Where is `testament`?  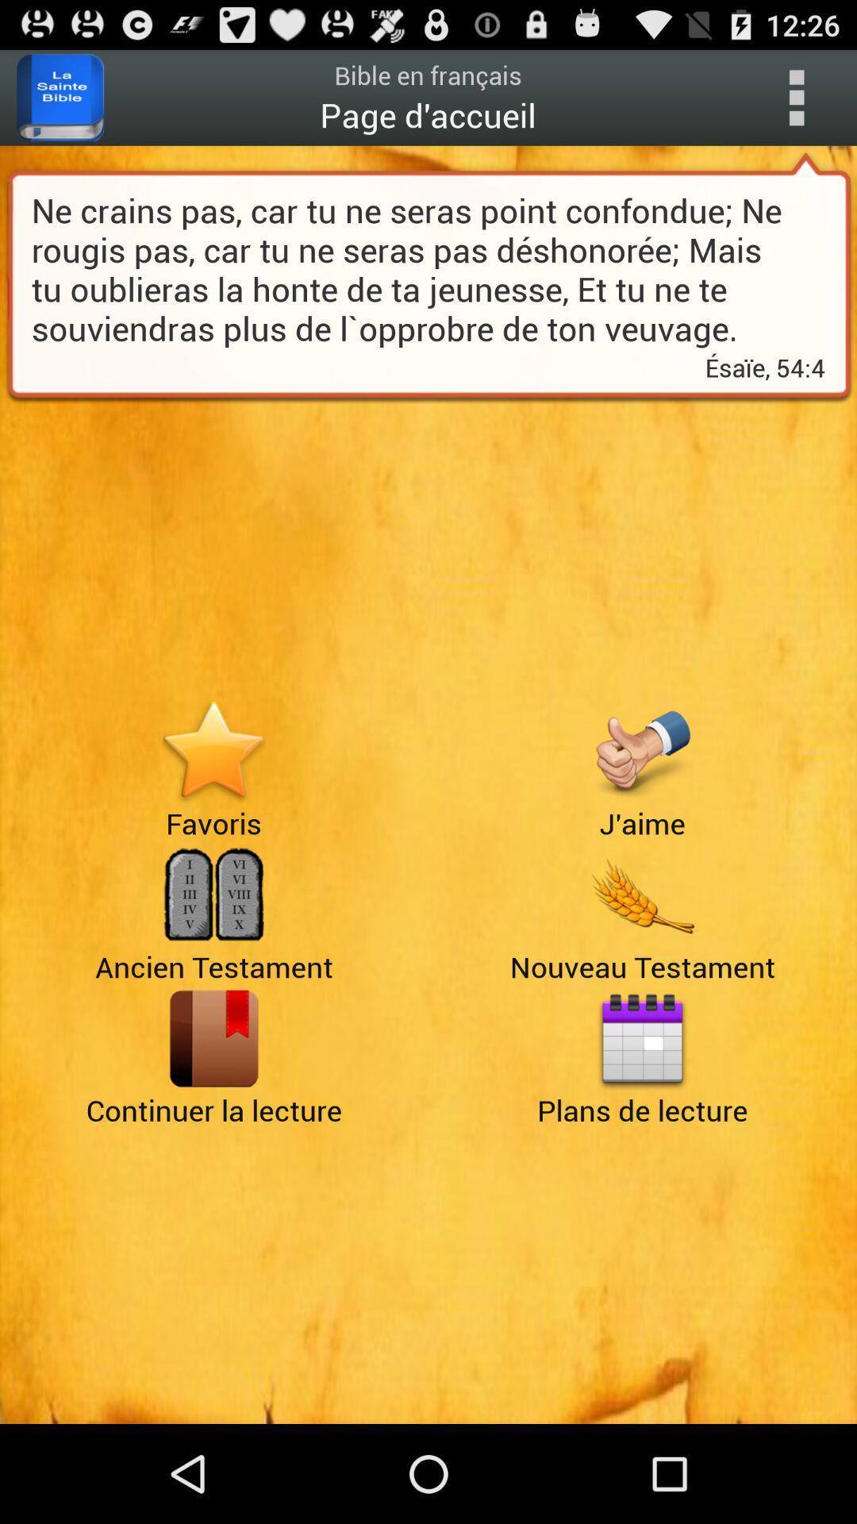
testament is located at coordinates (641, 895).